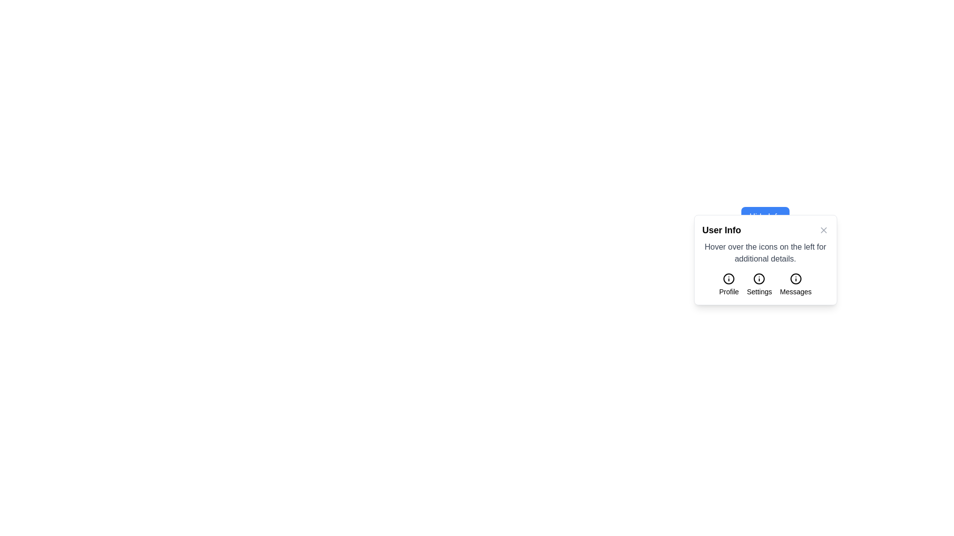  Describe the element at coordinates (729, 279) in the screenshot. I see `the SVG circle graphic within the 'info' icon` at that location.